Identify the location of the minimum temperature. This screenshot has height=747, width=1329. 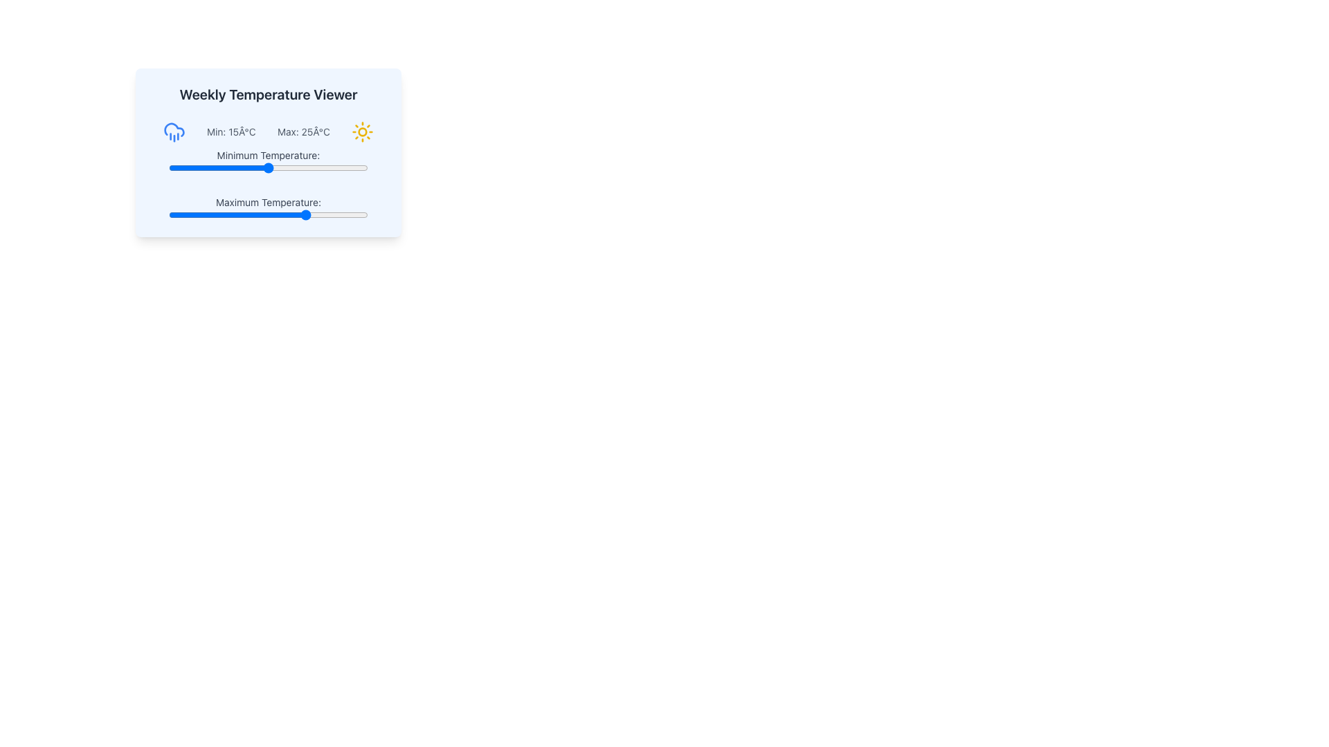
(280, 167).